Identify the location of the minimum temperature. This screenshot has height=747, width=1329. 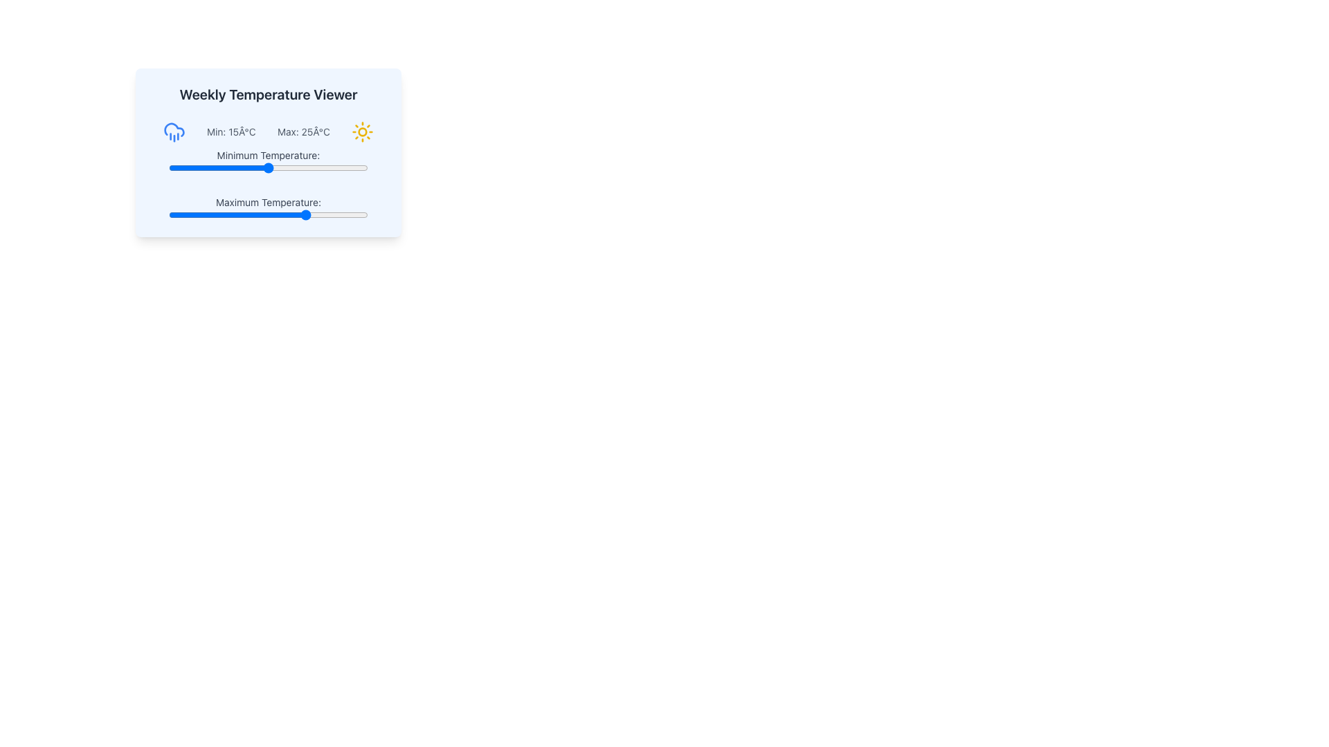
(280, 167).